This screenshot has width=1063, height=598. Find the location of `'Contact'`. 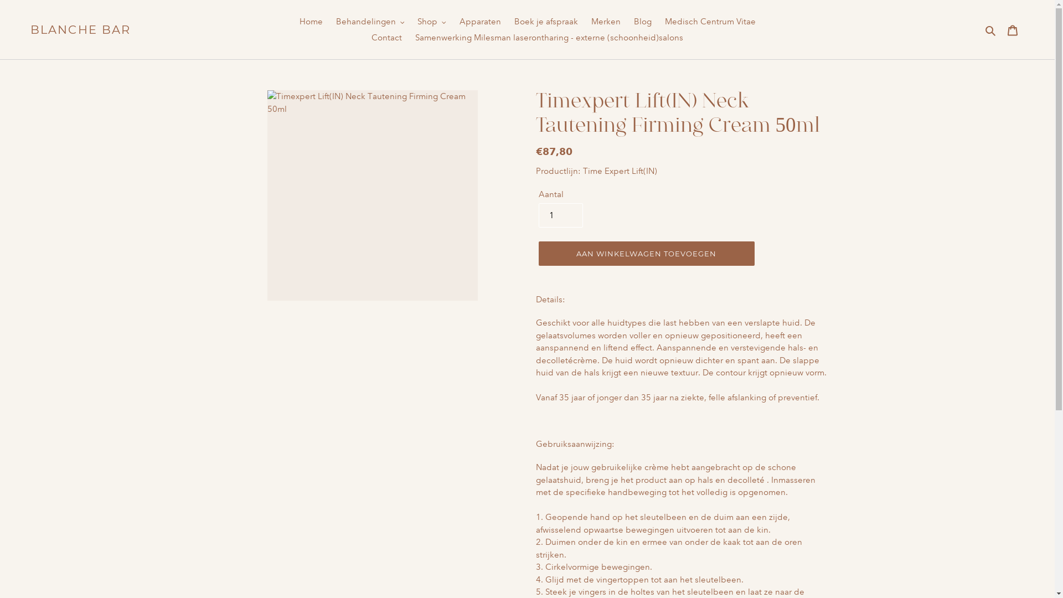

'Contact' is located at coordinates (386, 37).